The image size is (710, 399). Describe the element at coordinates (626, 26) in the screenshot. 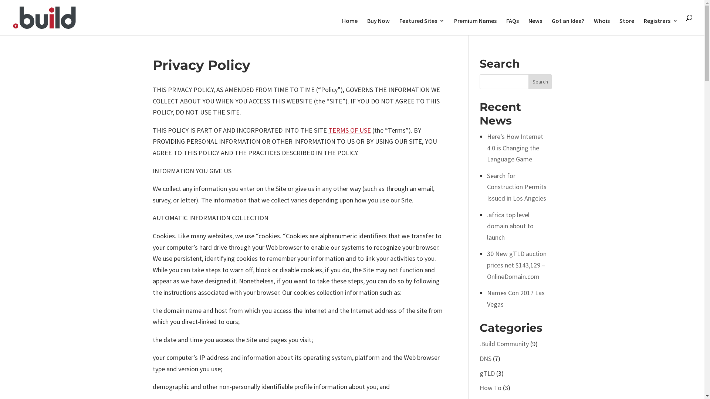

I see `'Store'` at that location.